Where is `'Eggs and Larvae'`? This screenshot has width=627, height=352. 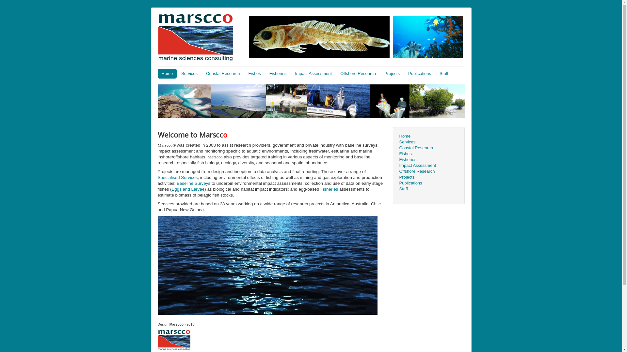
'Eggs and Larvae' is located at coordinates (171, 189).